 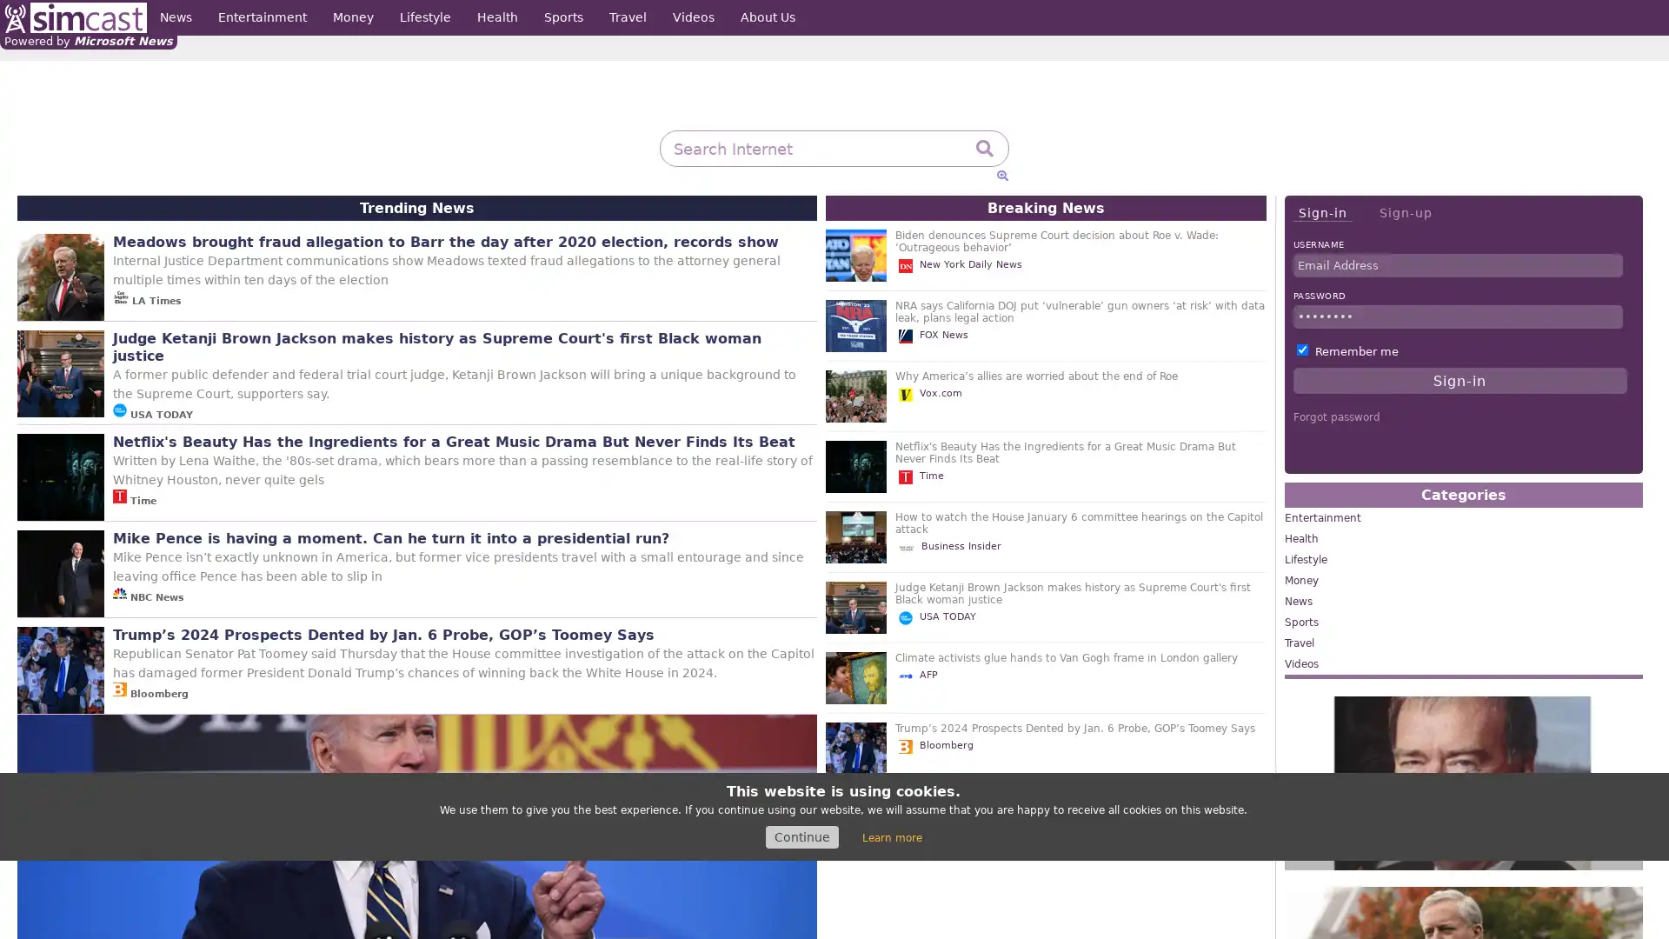 What do you see at coordinates (1321, 212) in the screenshot?
I see `Sign-in` at bounding box center [1321, 212].